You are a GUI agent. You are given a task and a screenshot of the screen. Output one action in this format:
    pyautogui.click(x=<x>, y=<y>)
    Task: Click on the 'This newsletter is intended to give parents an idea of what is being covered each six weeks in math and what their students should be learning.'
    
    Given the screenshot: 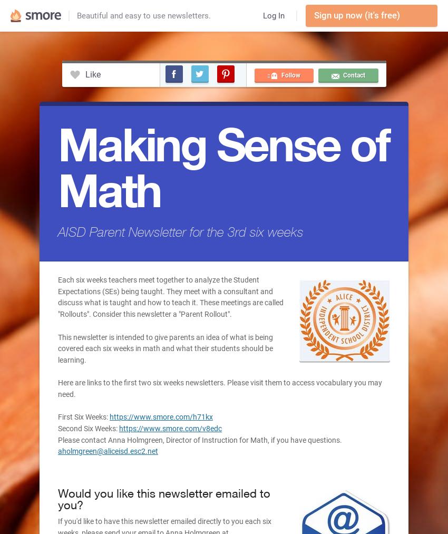 What is the action you would take?
    pyautogui.click(x=165, y=347)
    